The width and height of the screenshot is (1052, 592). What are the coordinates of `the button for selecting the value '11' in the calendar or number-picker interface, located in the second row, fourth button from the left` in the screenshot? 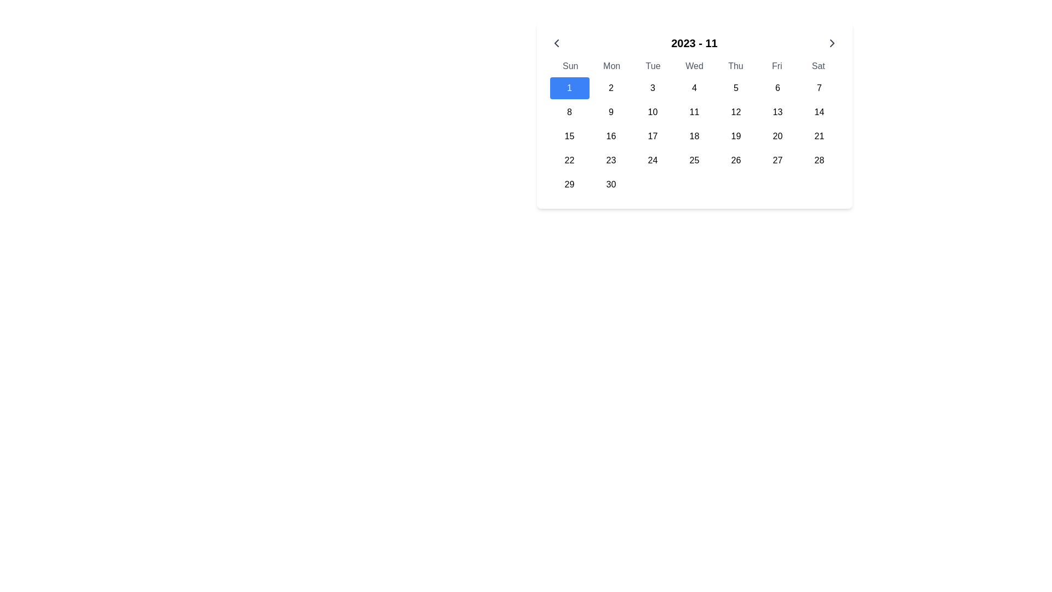 It's located at (694, 112).